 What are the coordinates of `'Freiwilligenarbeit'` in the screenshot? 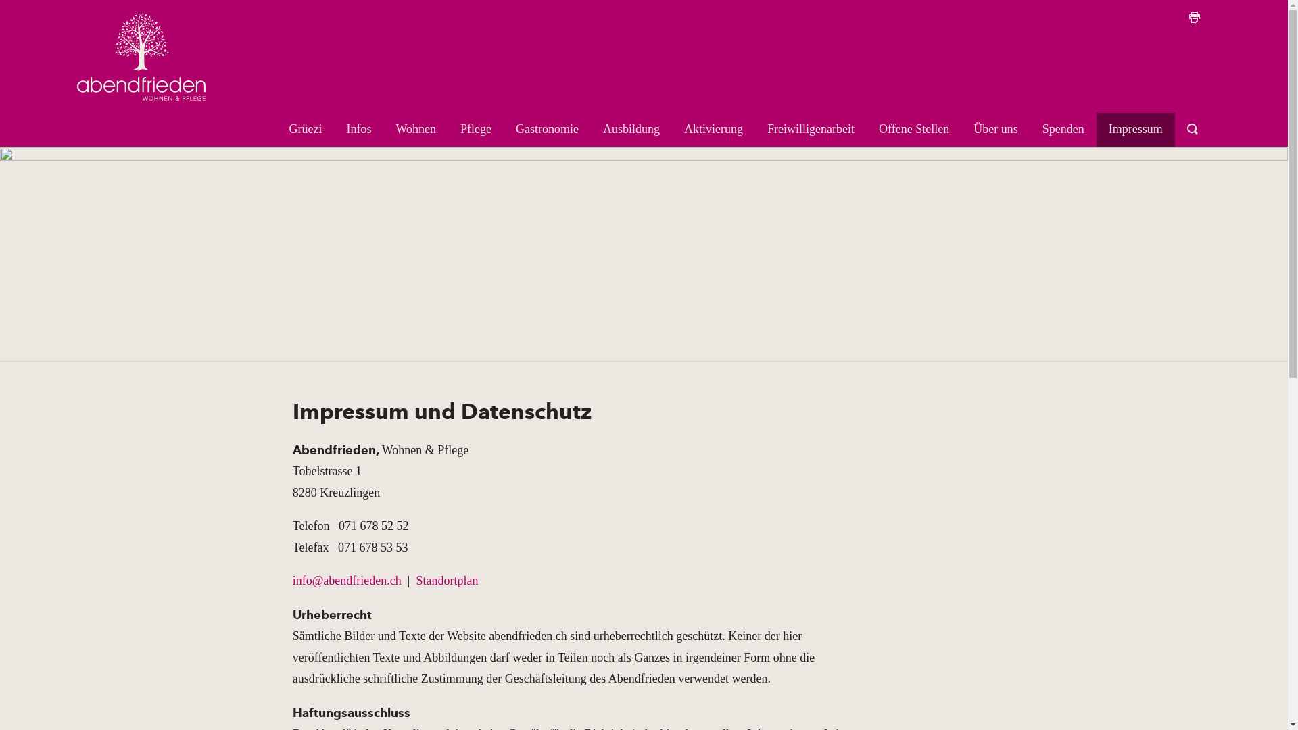 It's located at (811, 130).